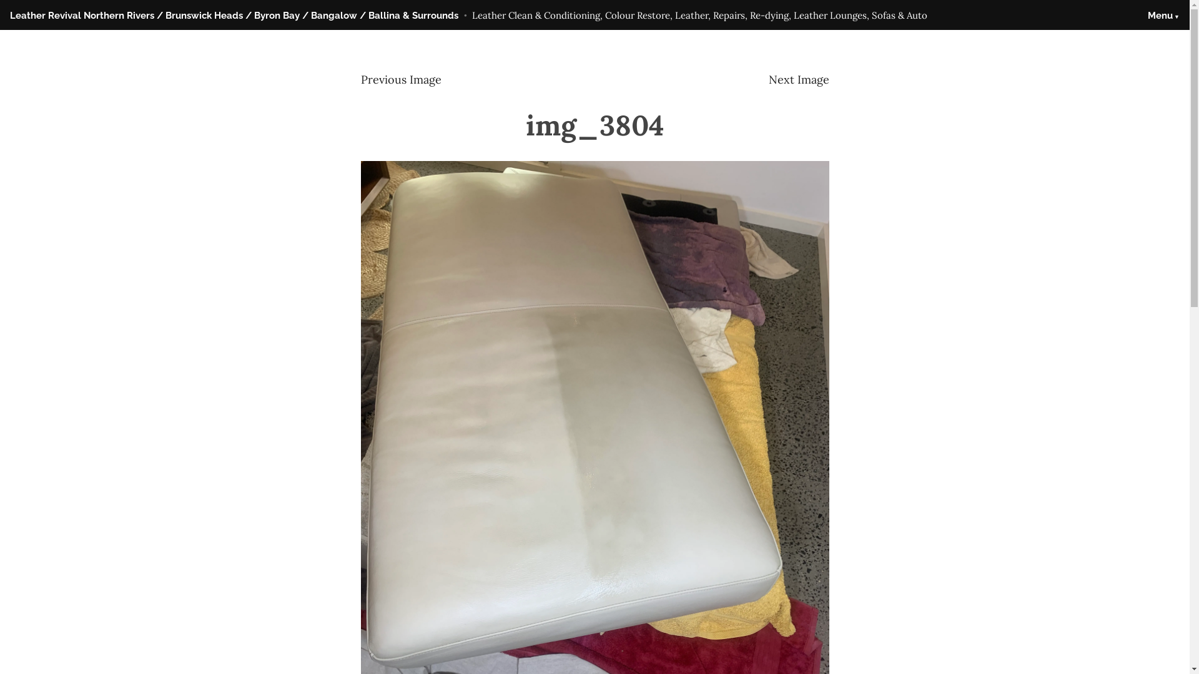 This screenshot has height=674, width=1199. I want to click on 'Previous Image', so click(360, 79).